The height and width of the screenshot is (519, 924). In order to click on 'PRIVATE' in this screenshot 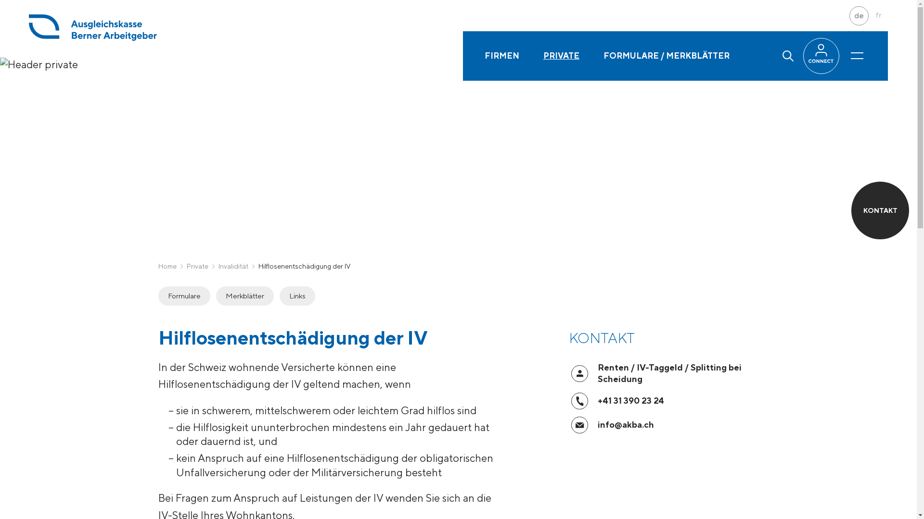, I will do `click(531, 56)`.